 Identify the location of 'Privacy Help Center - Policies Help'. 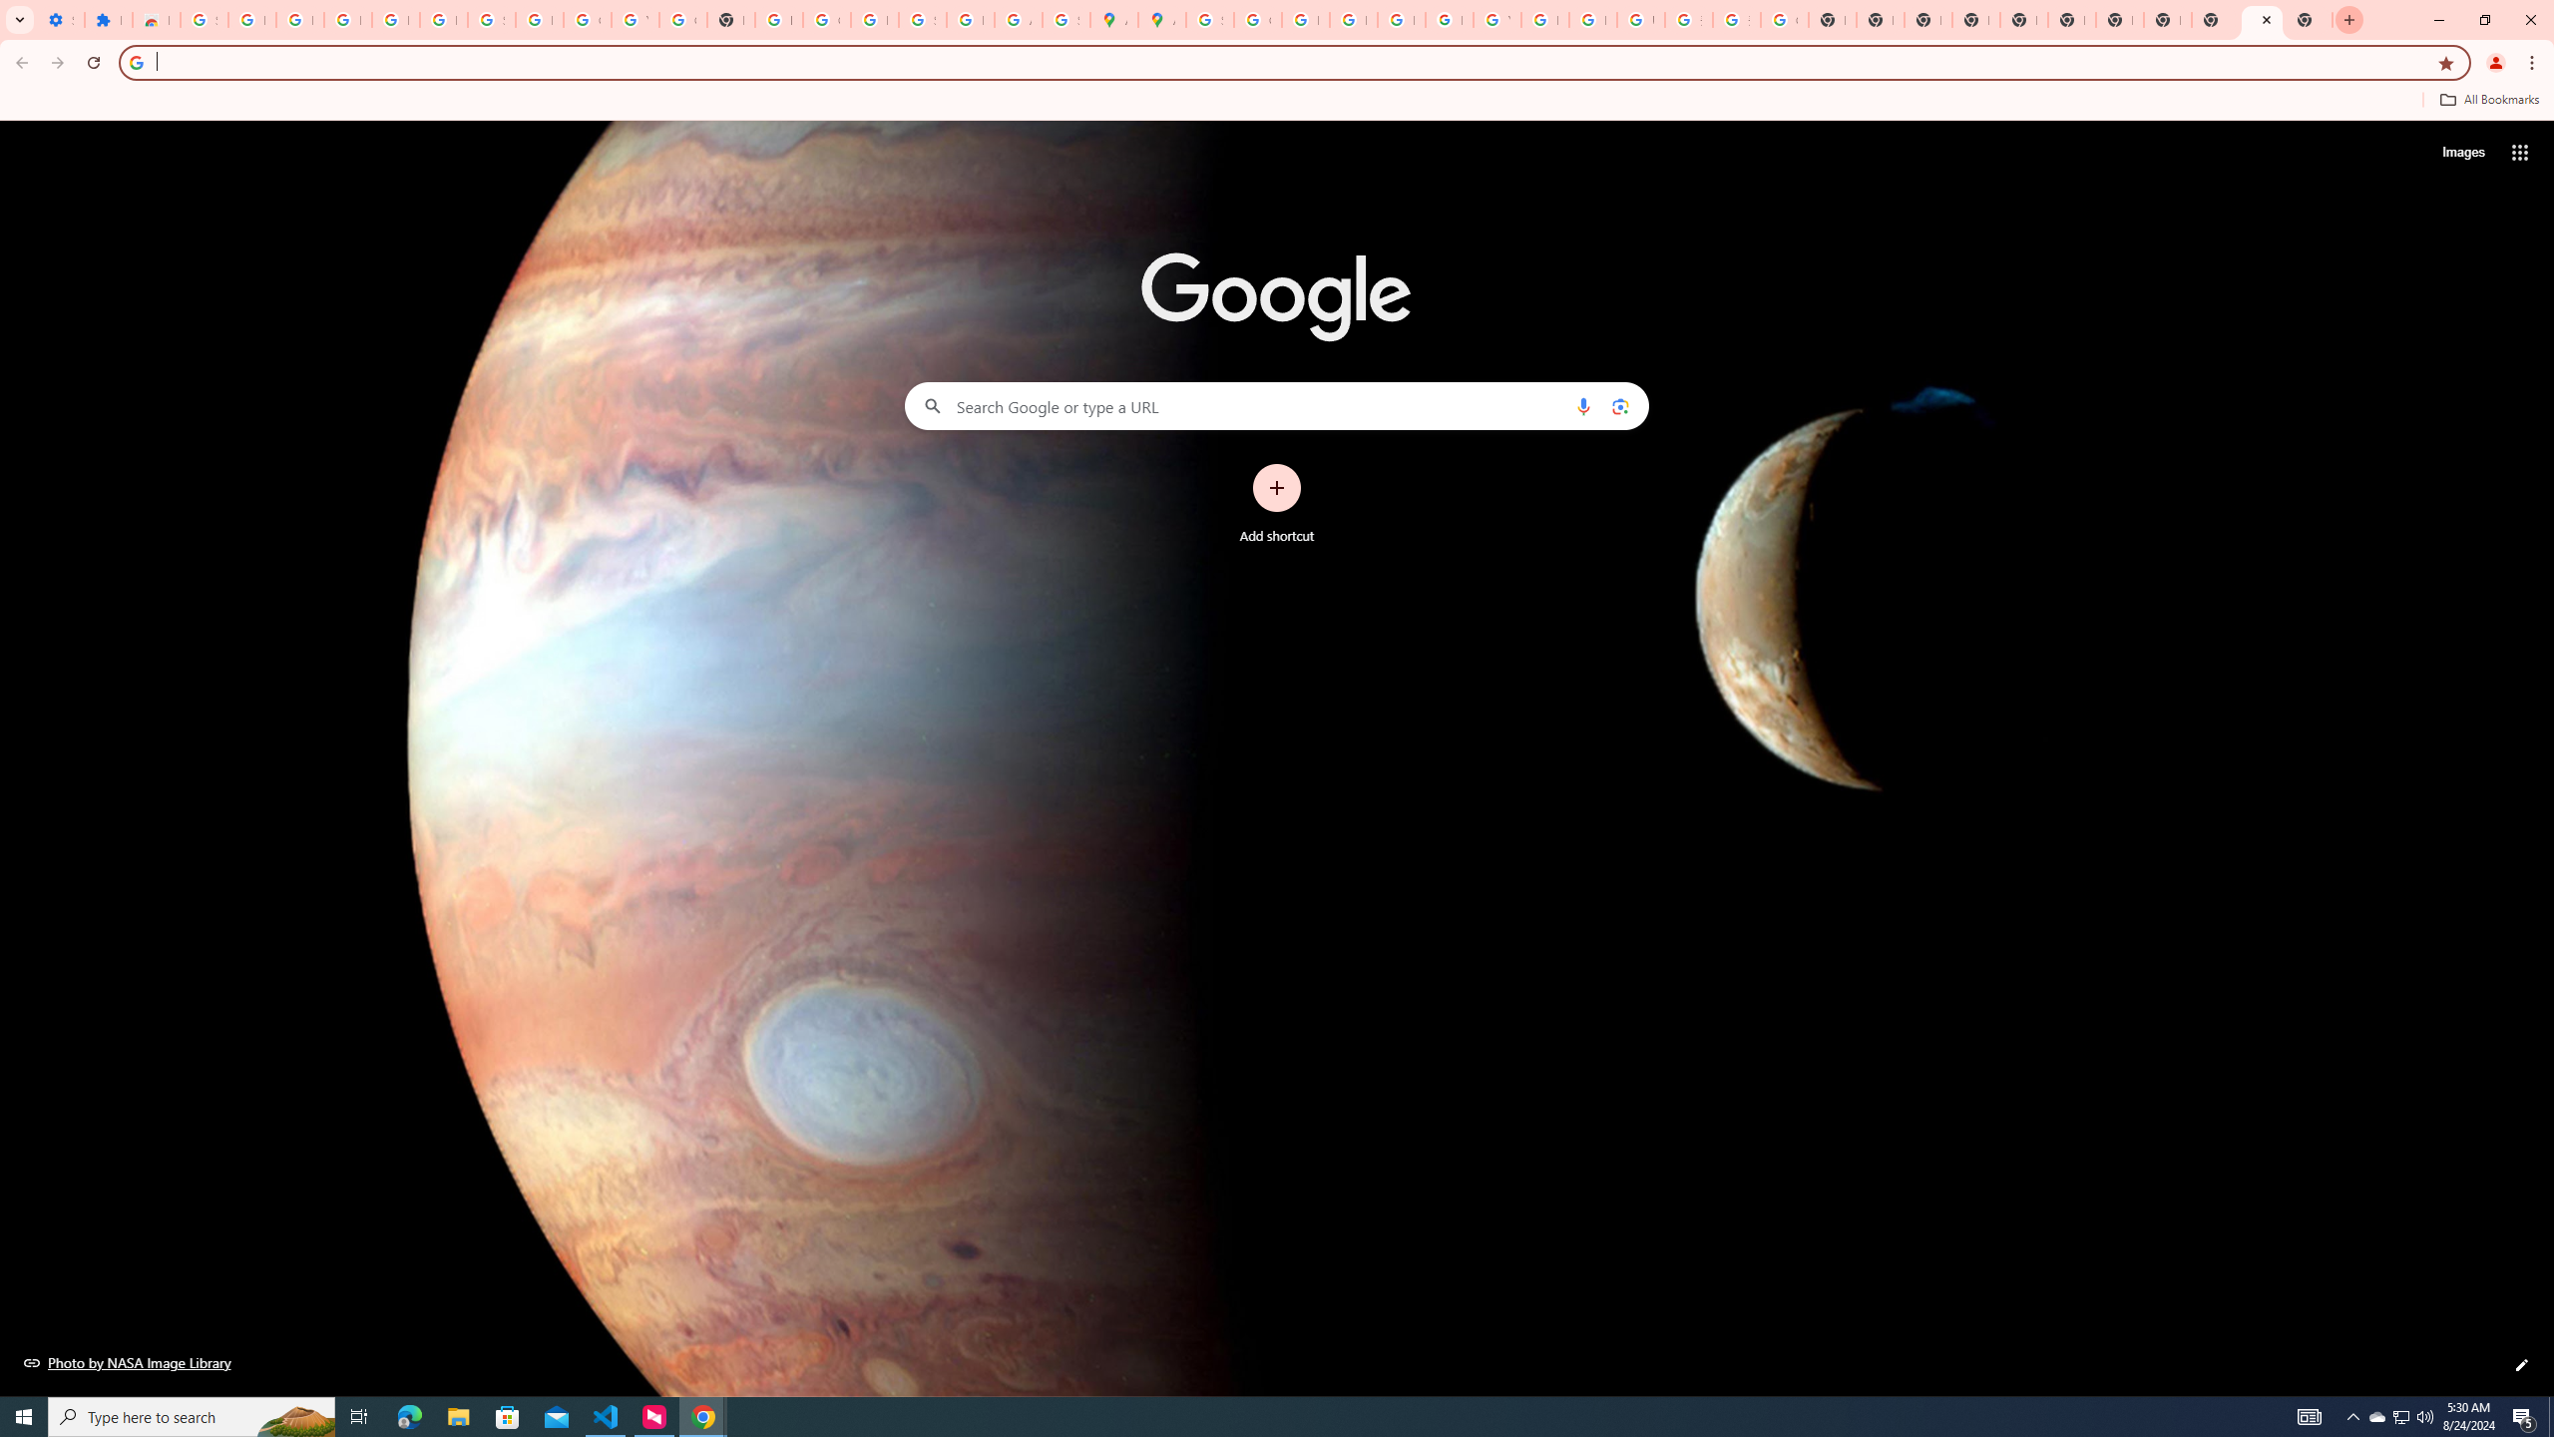
(1305, 19).